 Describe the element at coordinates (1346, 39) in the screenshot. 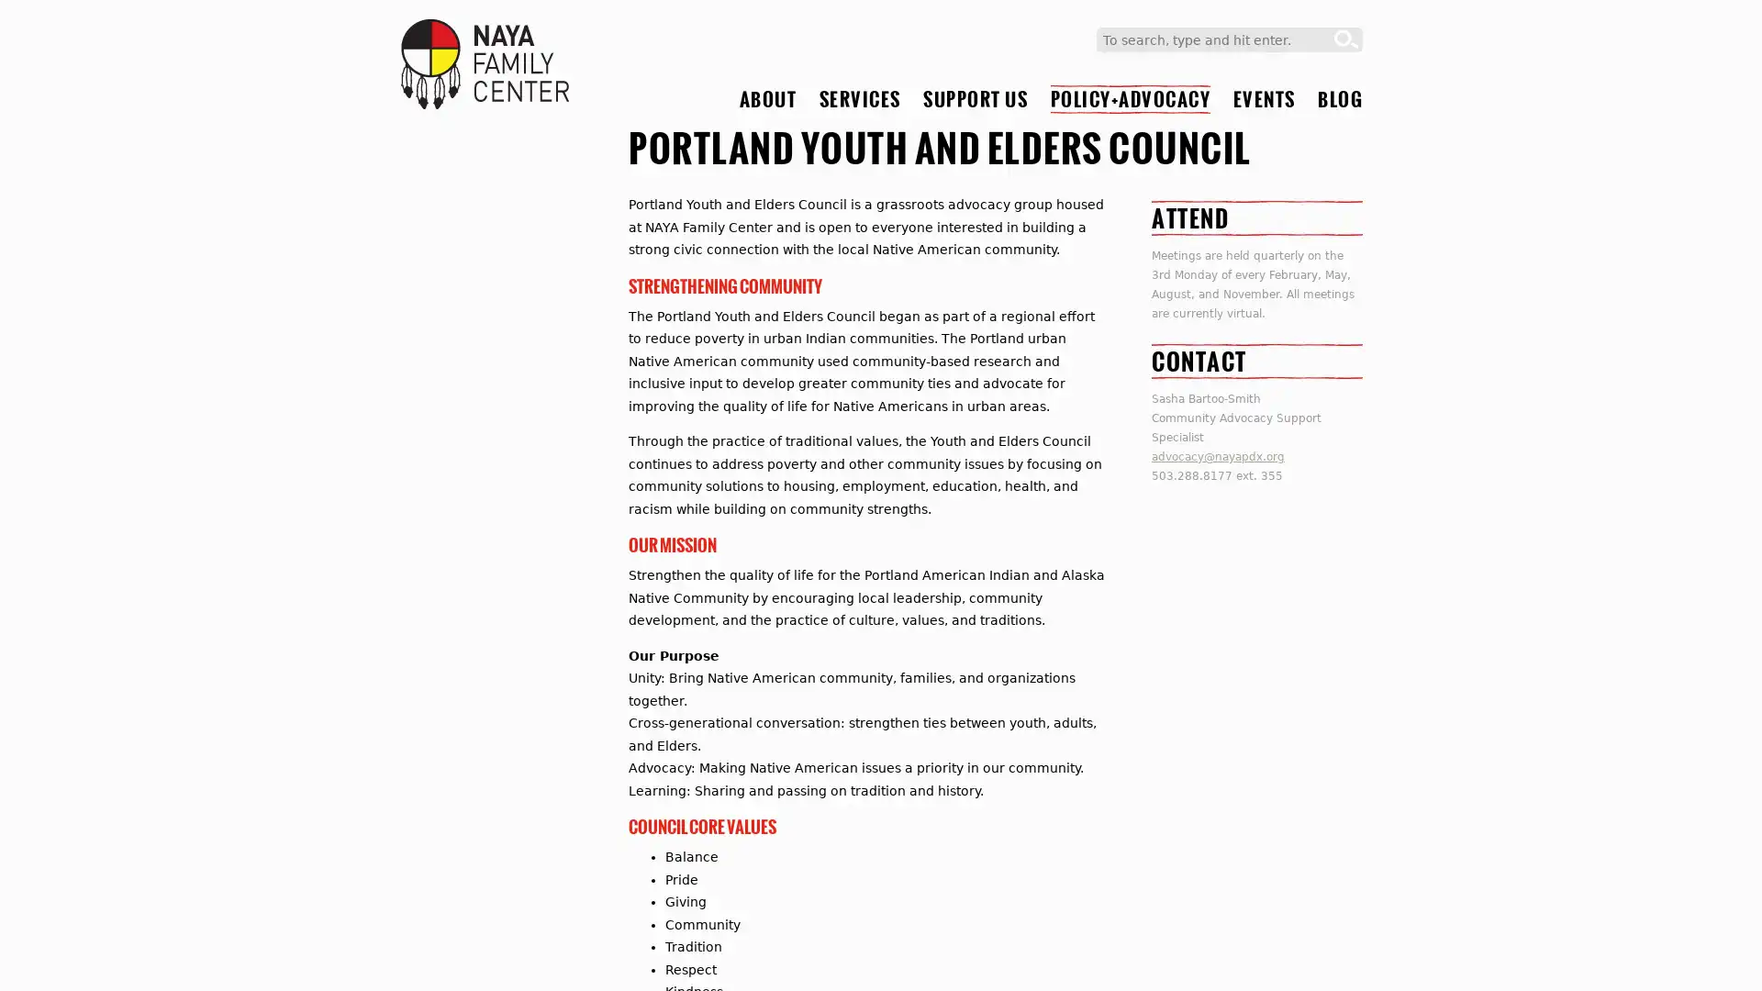

I see `Search` at that location.